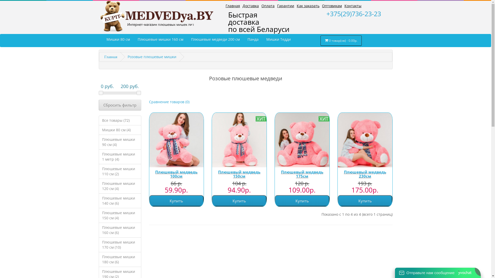  What do you see at coordinates (326, 13) in the screenshot?
I see `'+375(29)736-23-23'` at bounding box center [326, 13].